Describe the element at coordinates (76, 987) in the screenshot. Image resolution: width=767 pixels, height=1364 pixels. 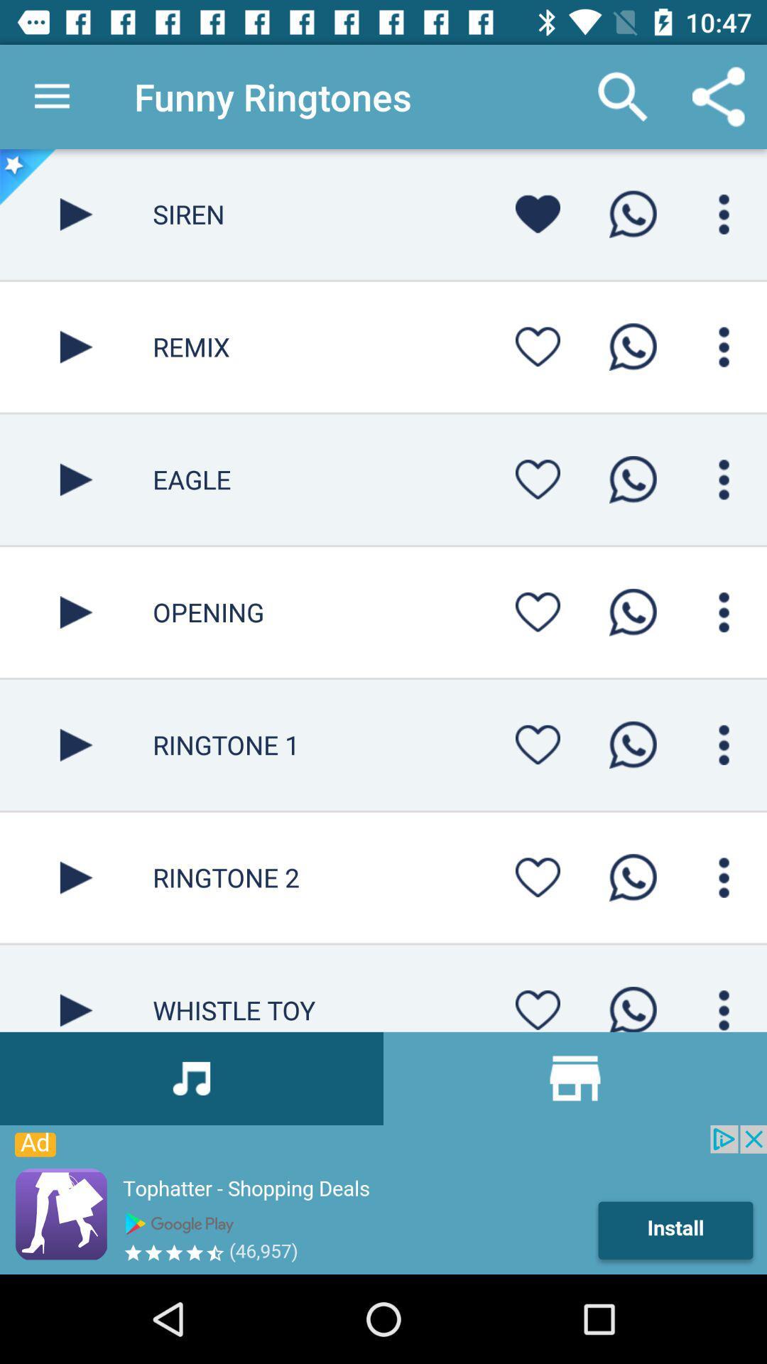
I see `whistle` at that location.